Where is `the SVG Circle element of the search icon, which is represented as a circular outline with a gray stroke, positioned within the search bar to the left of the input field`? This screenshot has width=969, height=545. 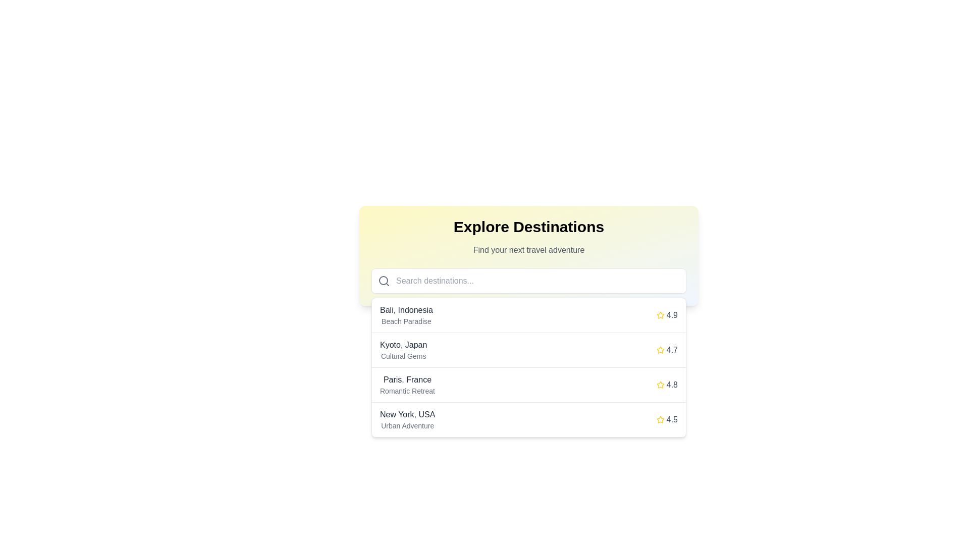 the SVG Circle element of the search icon, which is represented as a circular outline with a gray stroke, positioned within the search bar to the left of the input field is located at coordinates (383, 280).